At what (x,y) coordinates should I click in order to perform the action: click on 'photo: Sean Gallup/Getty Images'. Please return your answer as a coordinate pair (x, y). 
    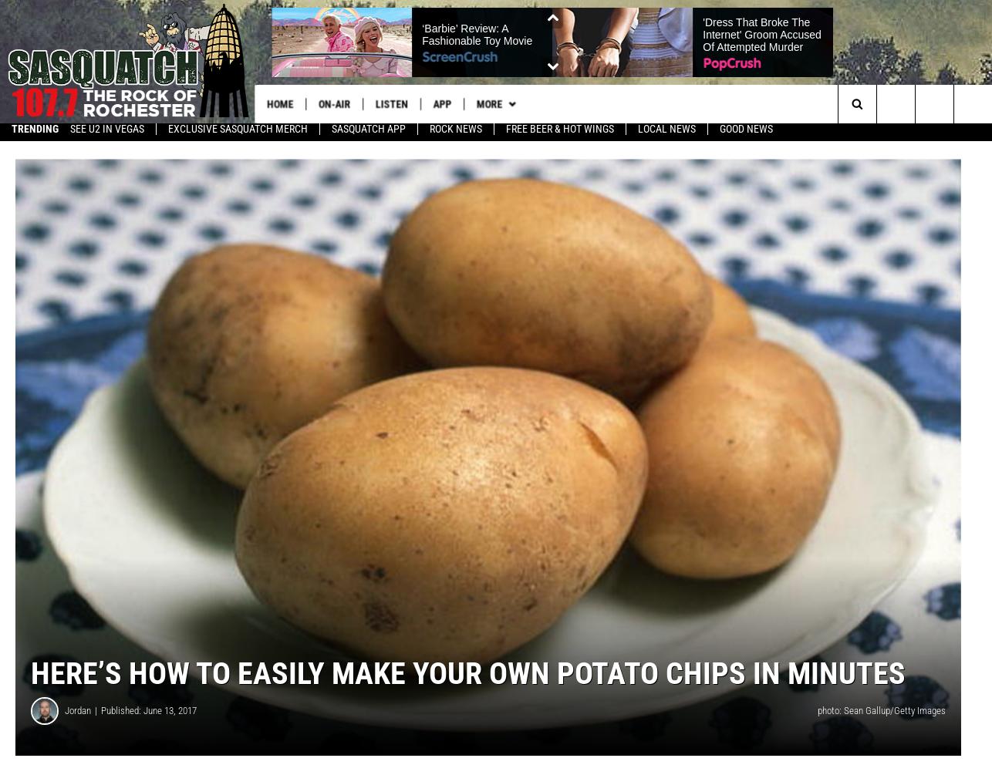
    Looking at the image, I should click on (880, 716).